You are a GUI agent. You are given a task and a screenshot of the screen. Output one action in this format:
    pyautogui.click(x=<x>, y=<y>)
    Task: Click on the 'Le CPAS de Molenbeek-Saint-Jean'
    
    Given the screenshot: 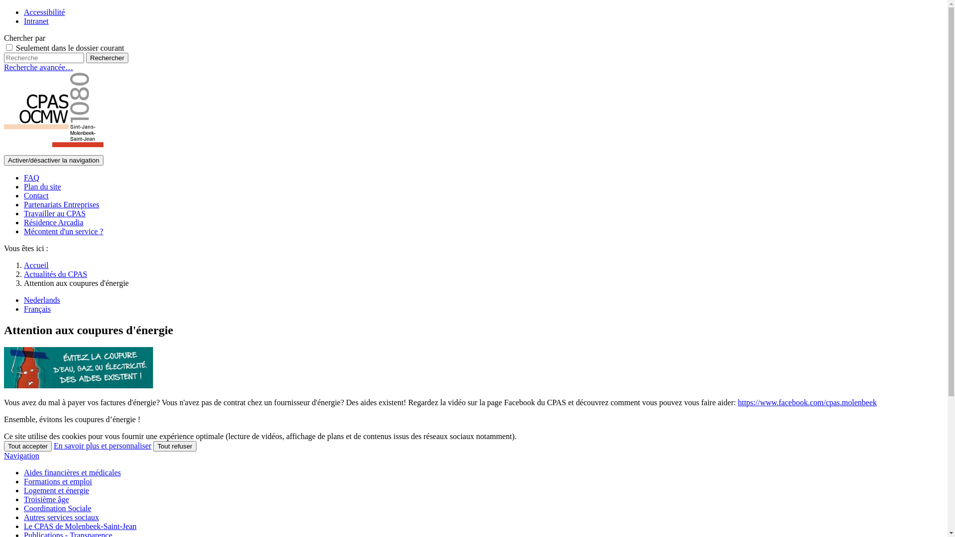 What is the action you would take?
    pyautogui.click(x=24, y=526)
    